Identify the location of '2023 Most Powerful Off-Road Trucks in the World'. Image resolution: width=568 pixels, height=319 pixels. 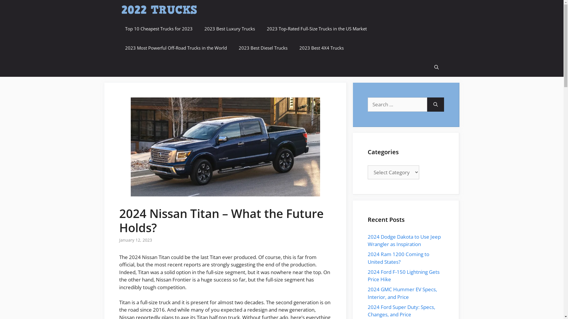
(175, 48).